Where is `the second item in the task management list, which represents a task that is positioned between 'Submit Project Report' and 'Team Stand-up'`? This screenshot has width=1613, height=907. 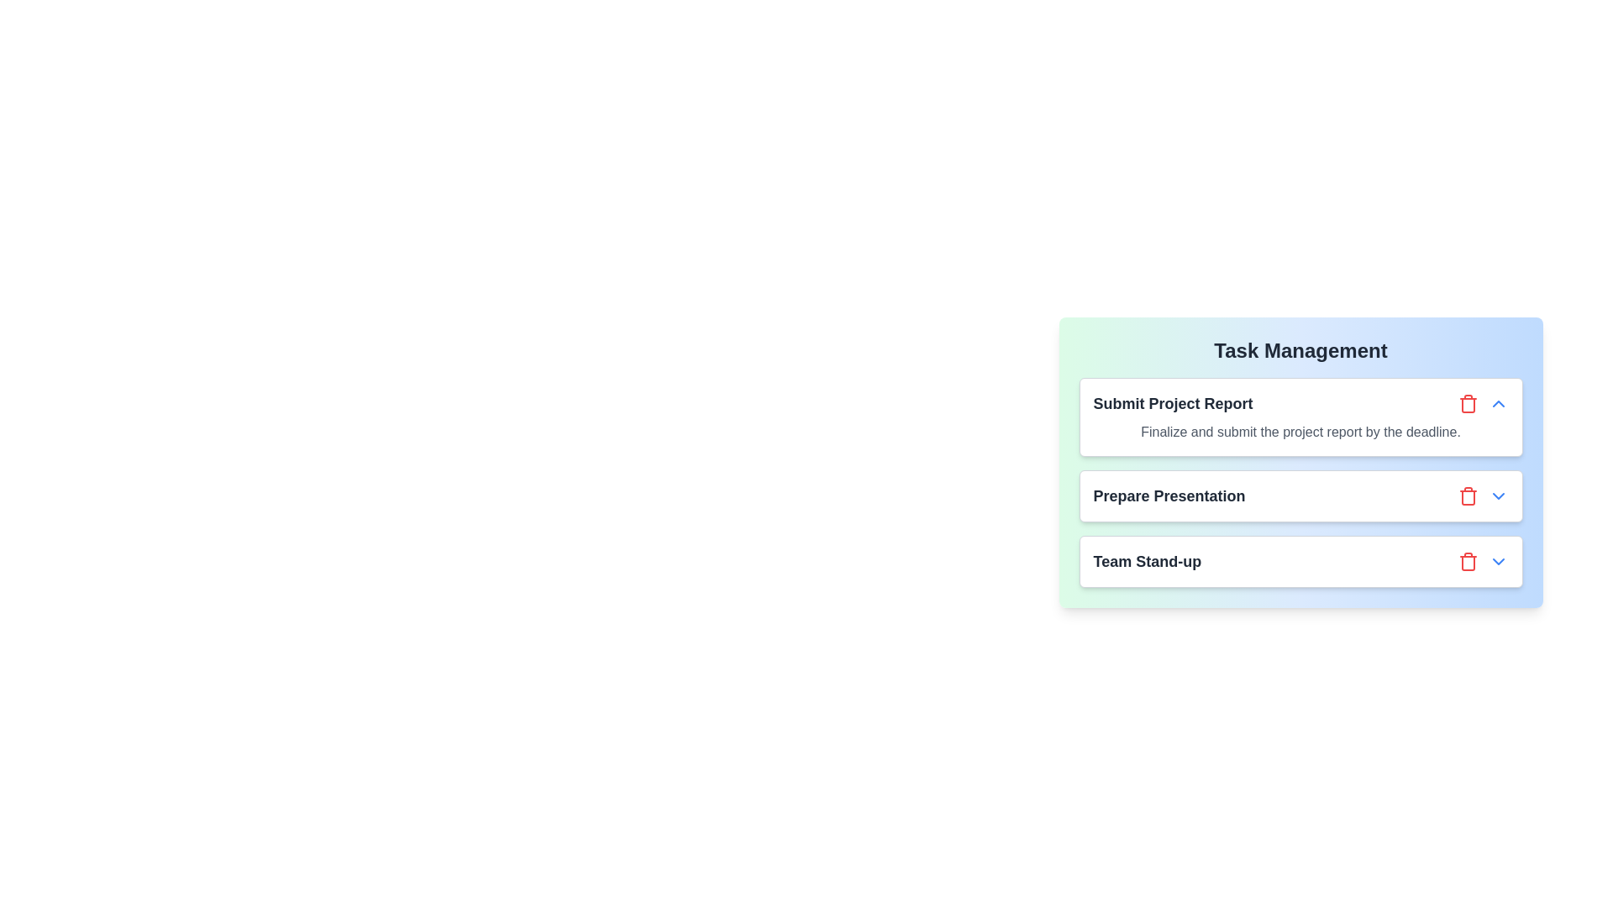 the second item in the task management list, which represents a task that is positioned between 'Submit Project Report' and 'Team Stand-up' is located at coordinates (1300, 482).